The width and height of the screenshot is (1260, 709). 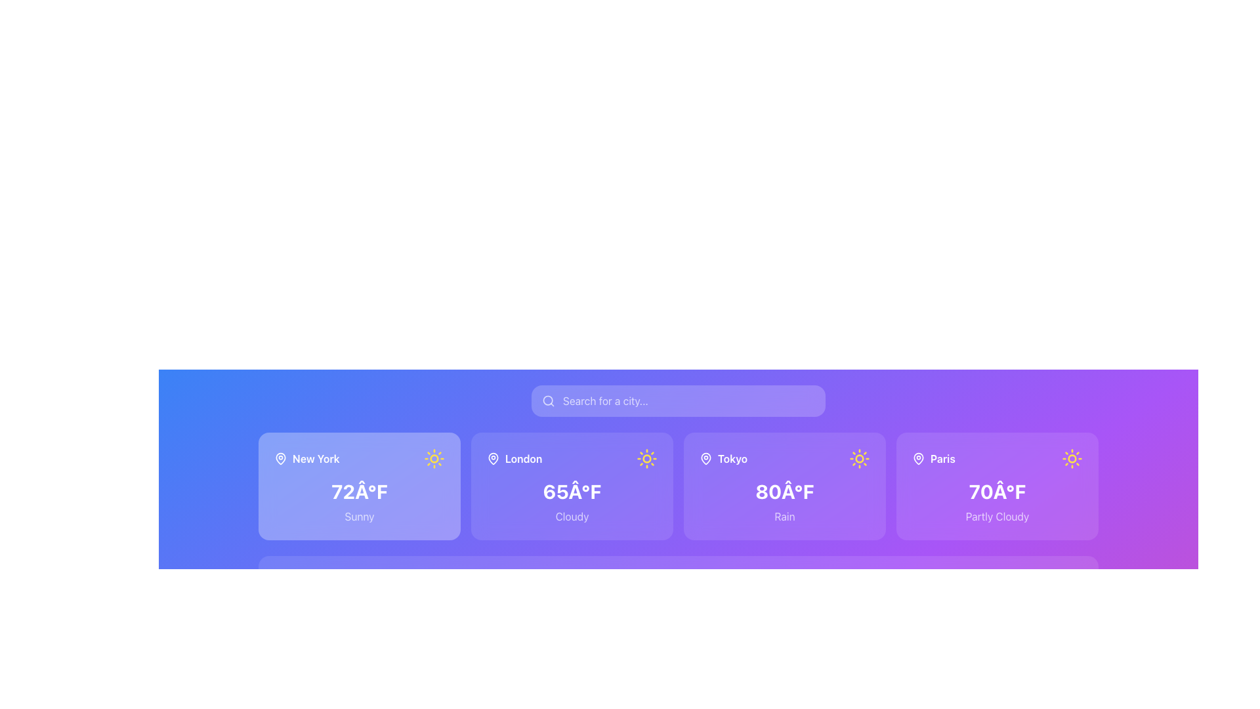 I want to click on the text label displaying 'Paris', so click(x=942, y=458).